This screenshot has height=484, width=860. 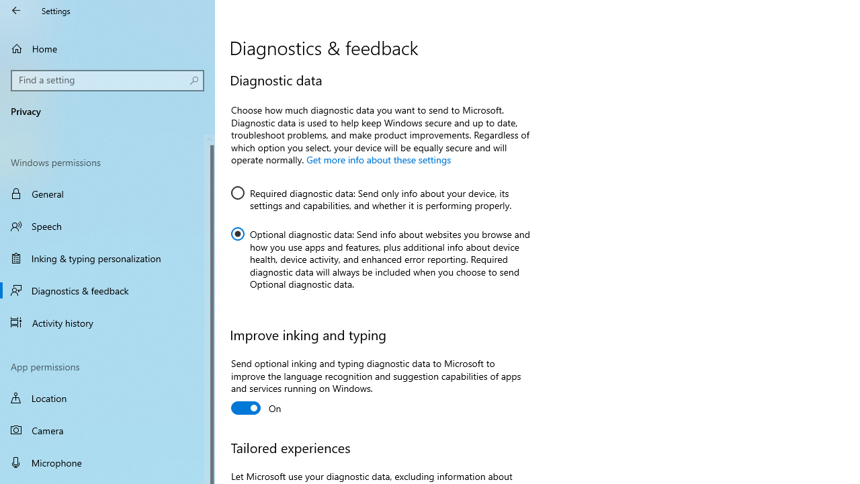 What do you see at coordinates (107, 194) in the screenshot?
I see `'General'` at bounding box center [107, 194].